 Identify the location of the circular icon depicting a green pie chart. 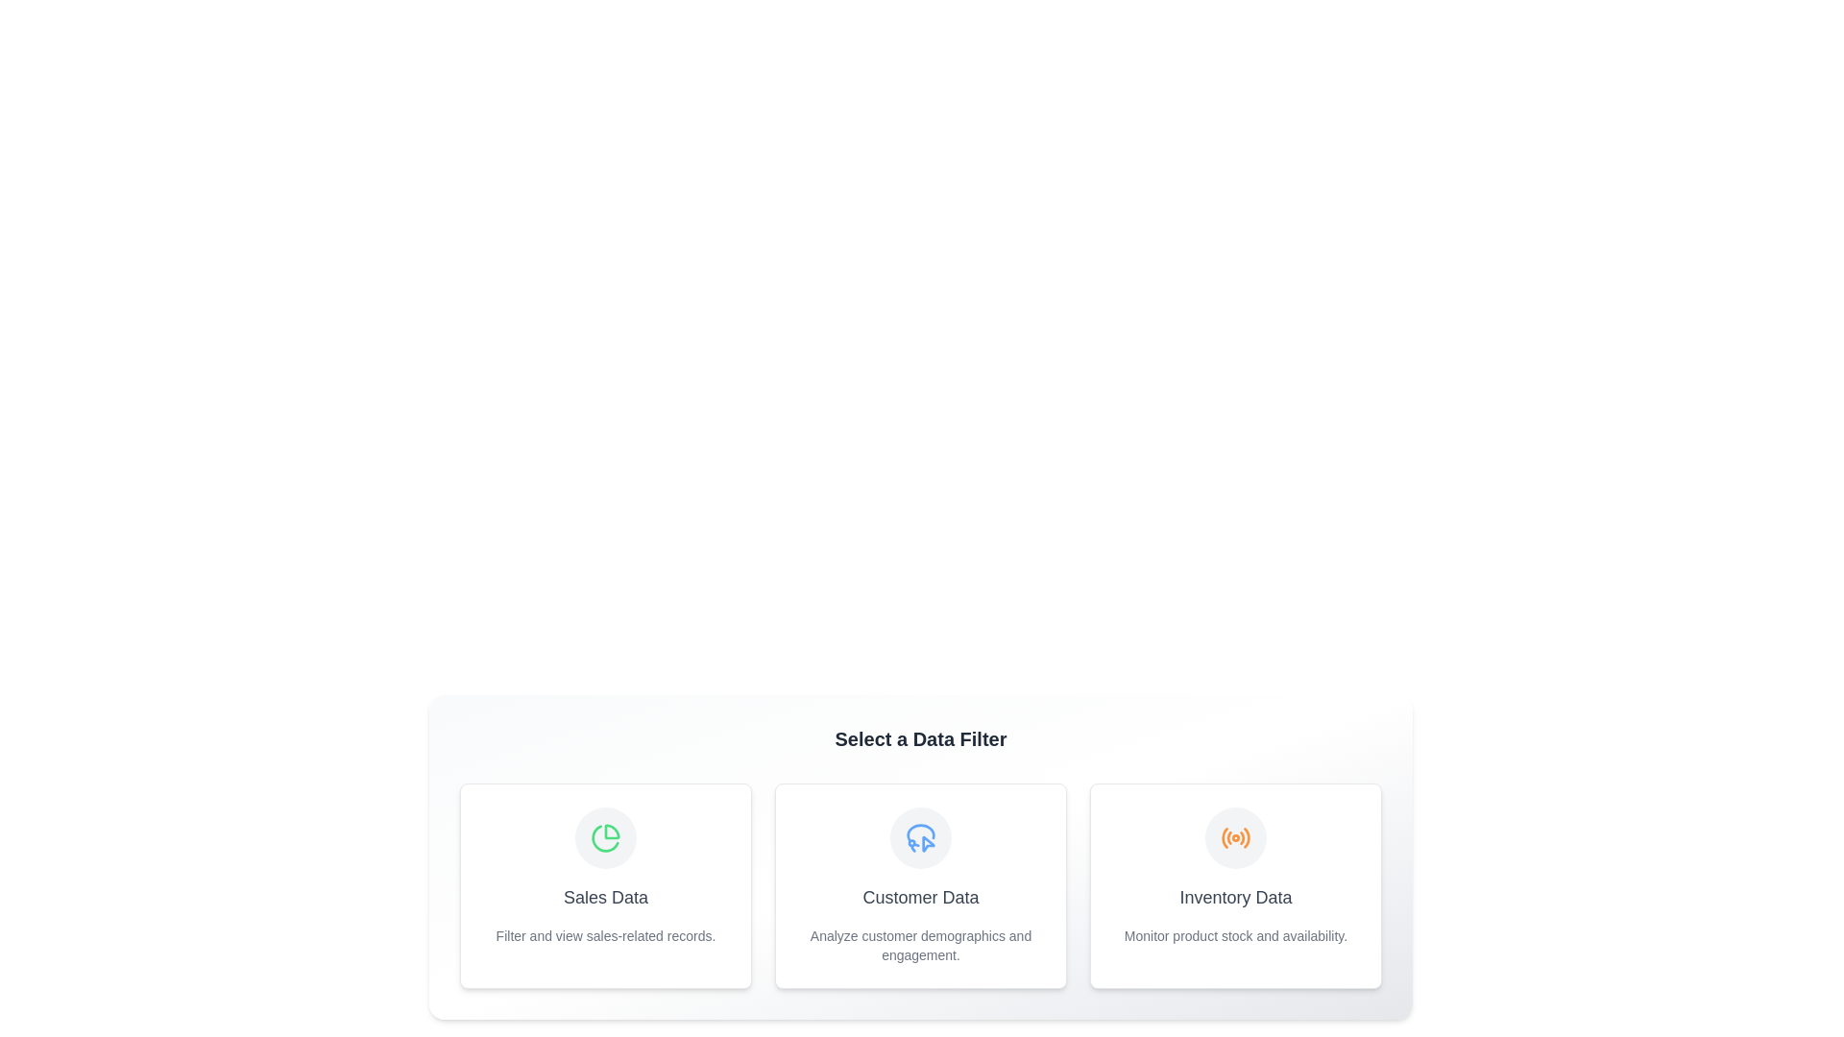
(604, 836).